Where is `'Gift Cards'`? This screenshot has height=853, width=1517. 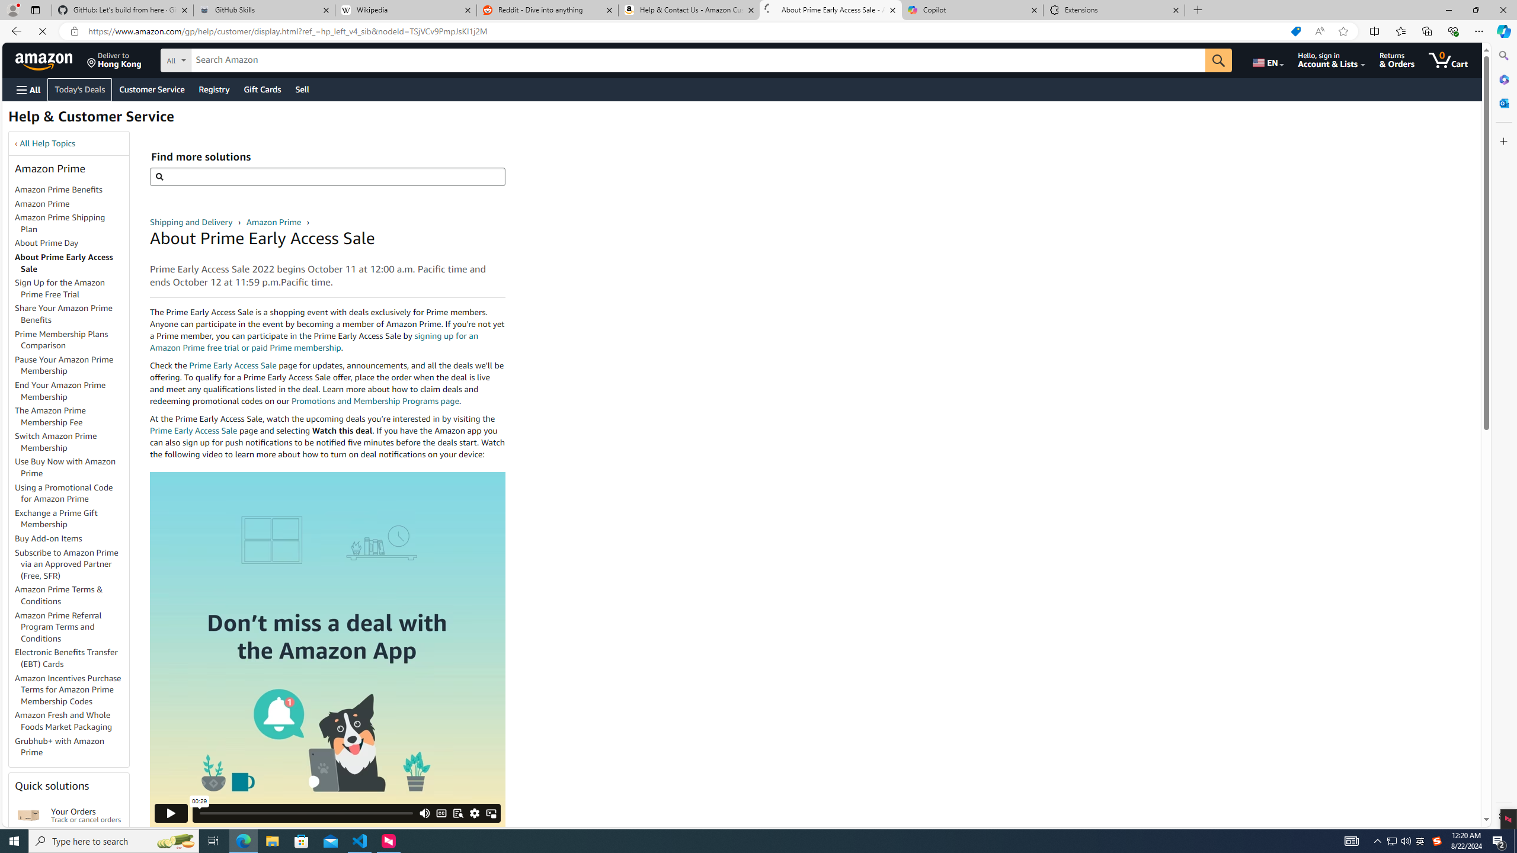
'Gift Cards' is located at coordinates (261, 89).